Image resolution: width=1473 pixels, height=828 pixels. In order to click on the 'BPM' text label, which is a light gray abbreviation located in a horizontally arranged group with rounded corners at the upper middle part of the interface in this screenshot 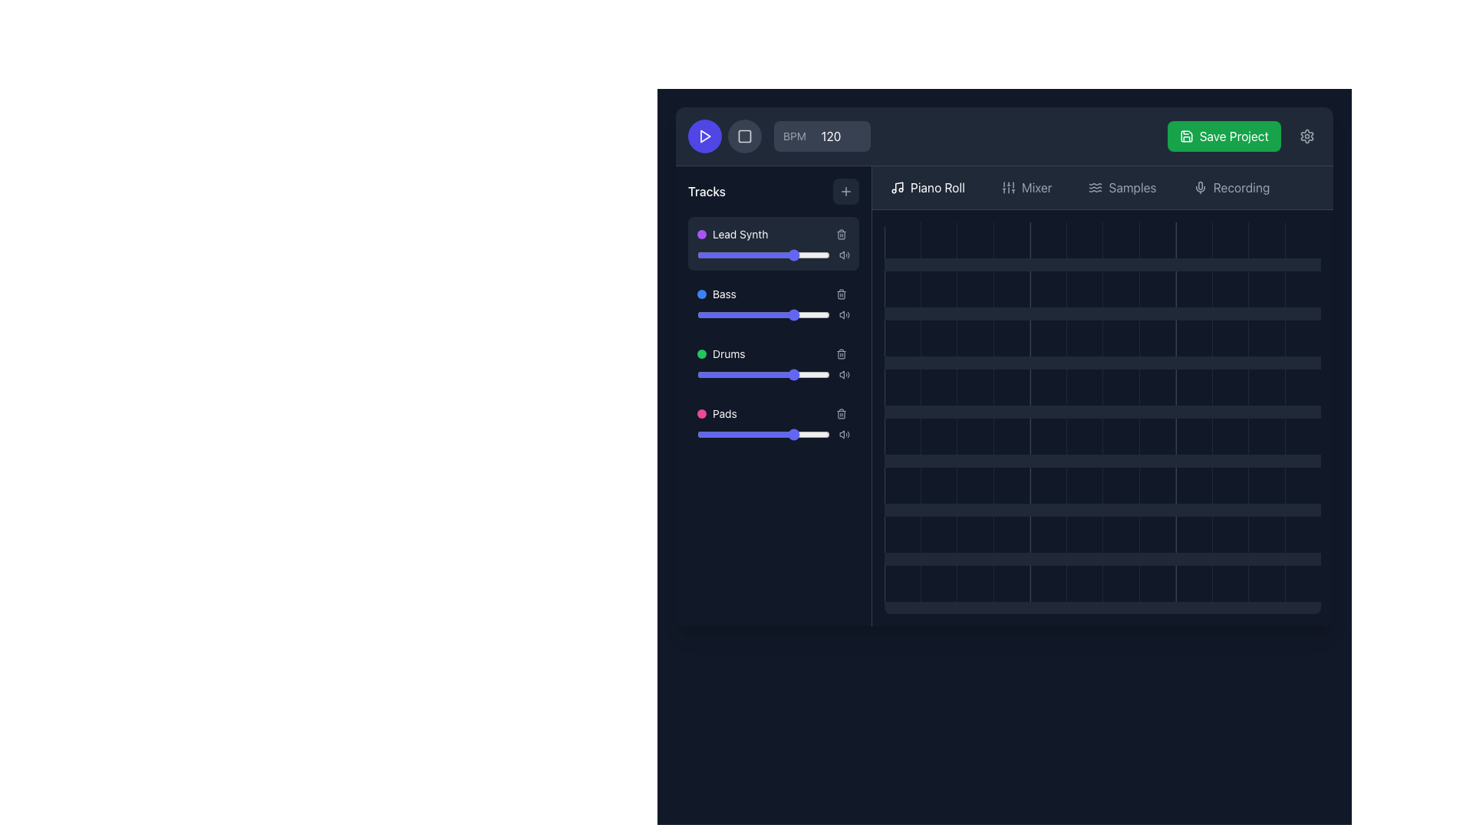, I will do `click(795, 135)`.